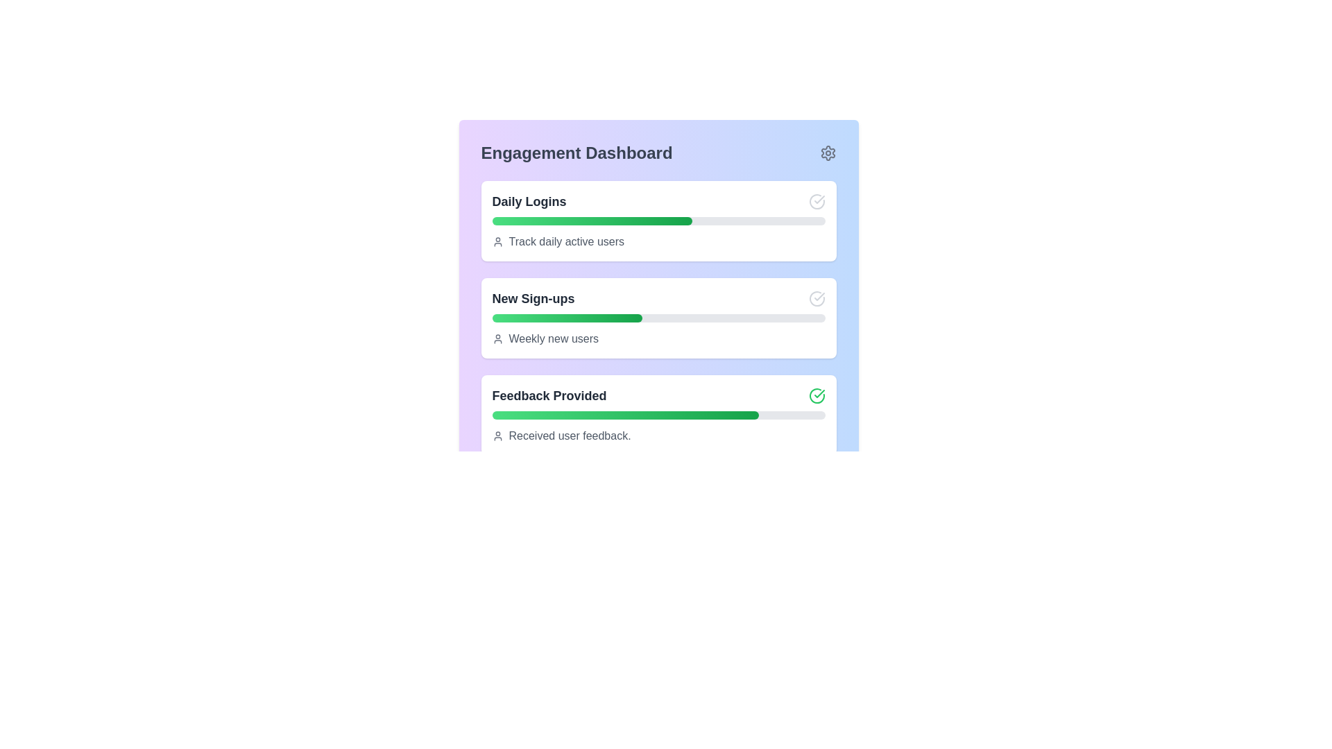  Describe the element at coordinates (828, 153) in the screenshot. I see `the gear-shaped icon representing settings, located to the far right of the 'Engagement Dashboard' header` at that location.